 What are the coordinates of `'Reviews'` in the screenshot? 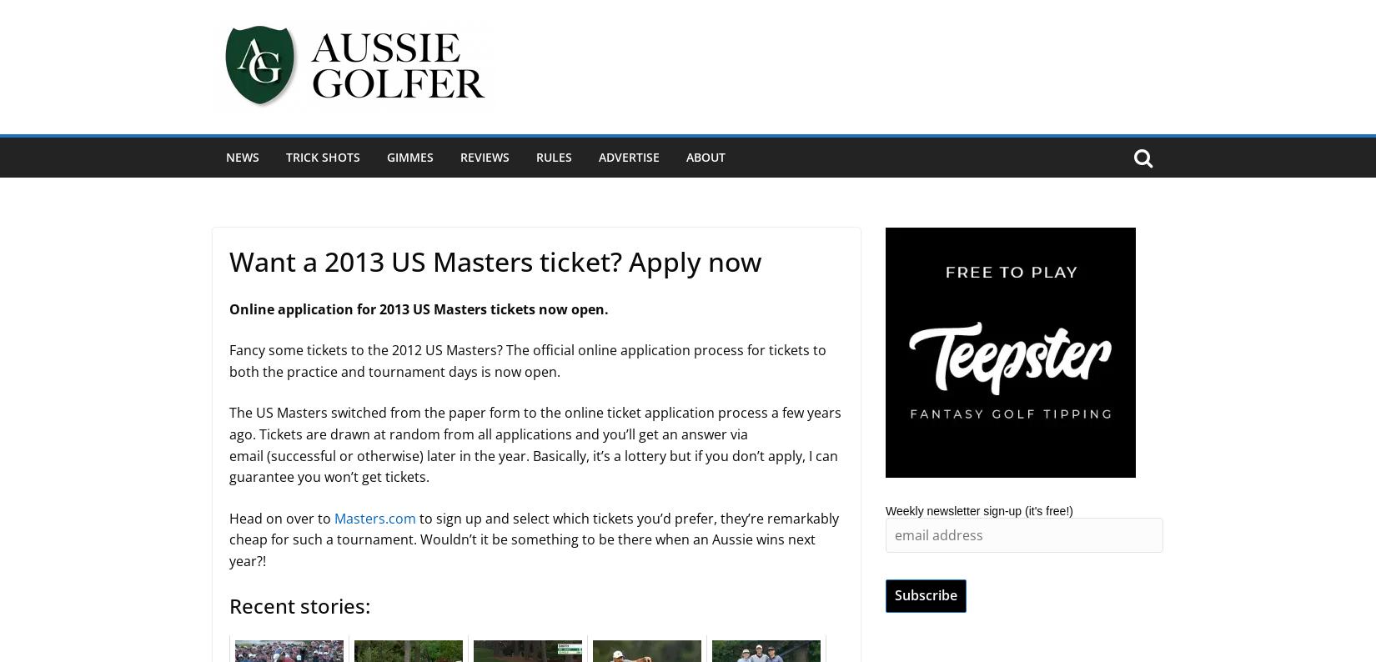 It's located at (484, 156).